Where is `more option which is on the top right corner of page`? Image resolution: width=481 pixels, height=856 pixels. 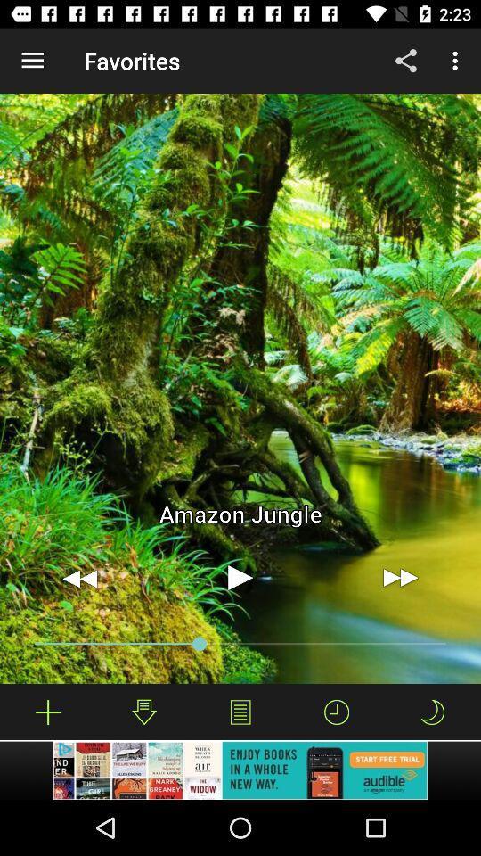 more option which is on the top right corner of page is located at coordinates (458, 61).